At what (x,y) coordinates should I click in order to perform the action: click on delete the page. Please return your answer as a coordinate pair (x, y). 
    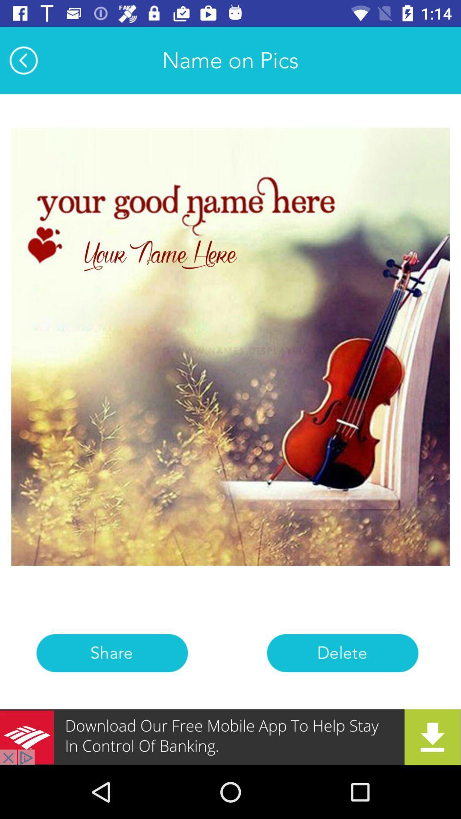
    Looking at the image, I should click on (342, 653).